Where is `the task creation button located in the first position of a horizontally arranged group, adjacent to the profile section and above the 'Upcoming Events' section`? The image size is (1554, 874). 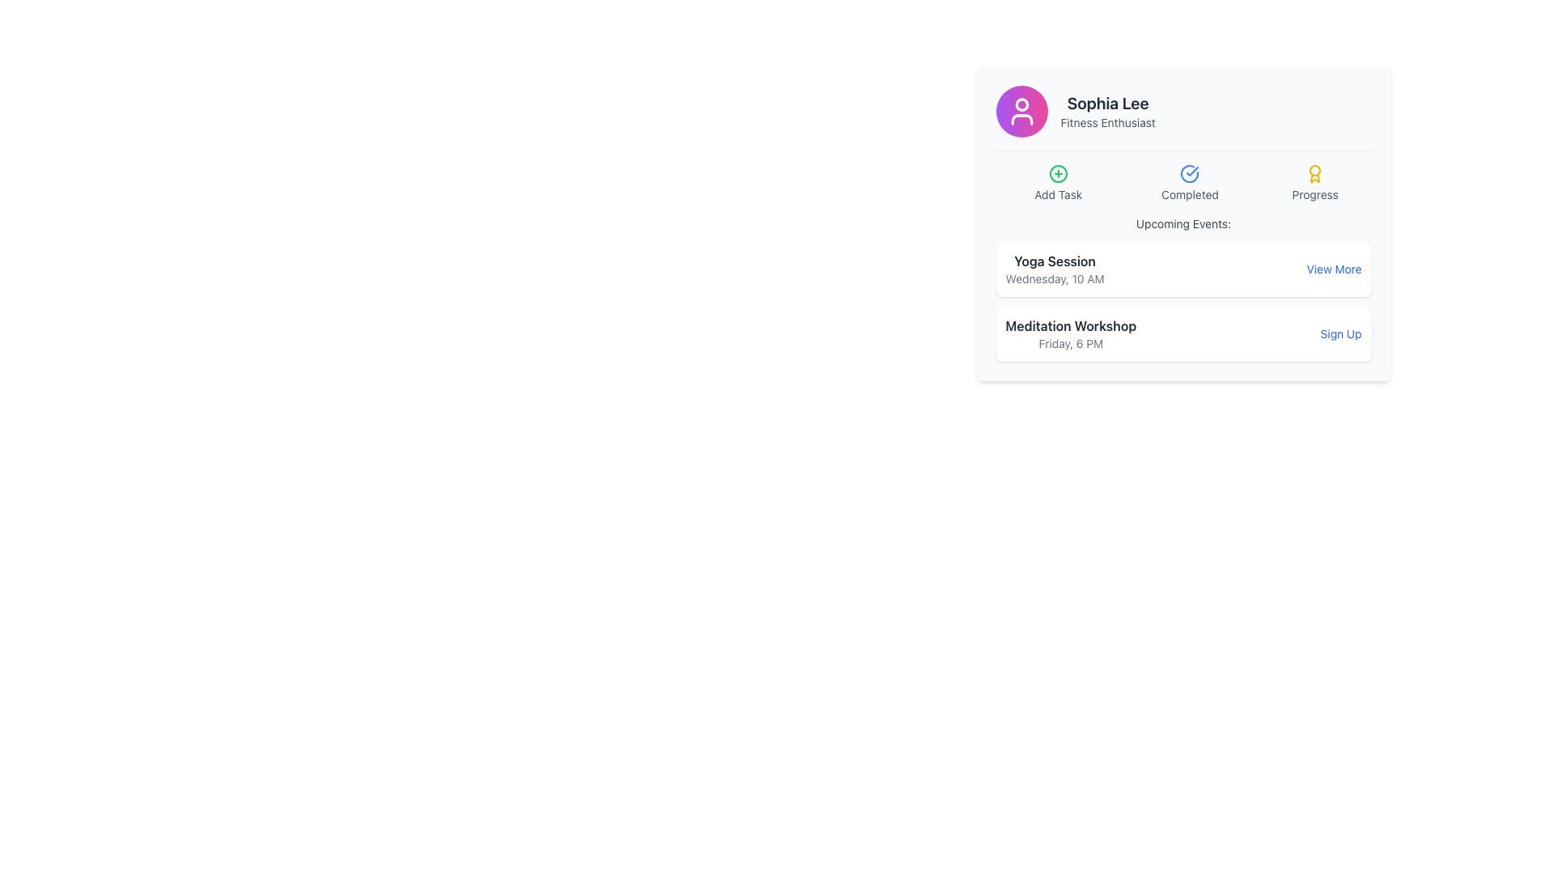
the task creation button located in the first position of a horizontally arranged group, adjacent to the profile section and above the 'Upcoming Events' section is located at coordinates (1058, 183).